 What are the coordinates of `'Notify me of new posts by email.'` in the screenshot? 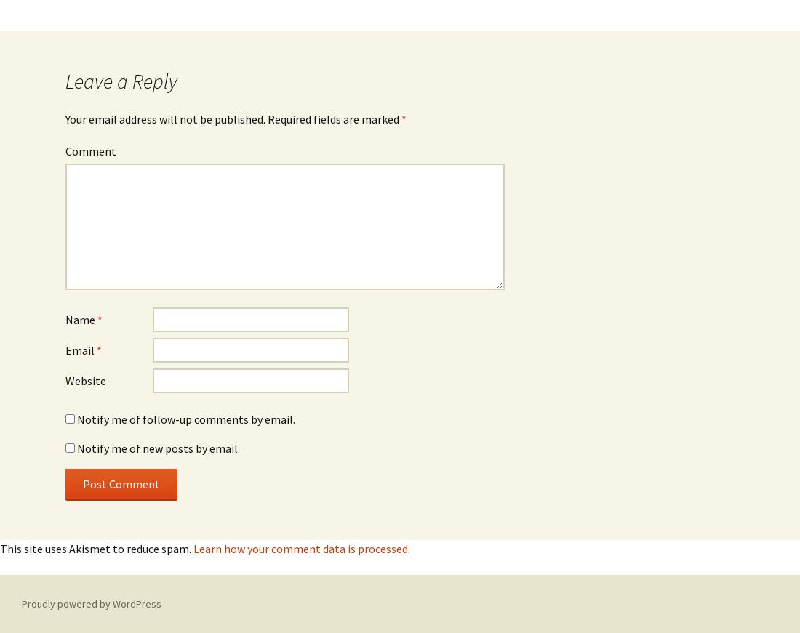 It's located at (159, 448).